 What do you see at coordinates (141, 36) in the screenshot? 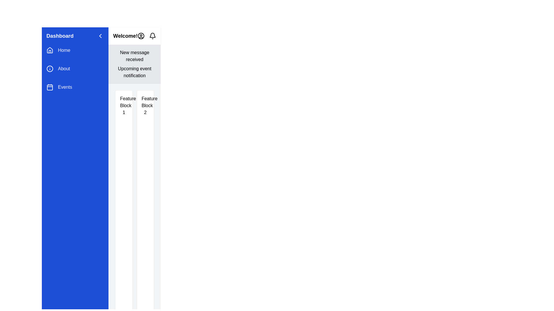
I see `the circular profile icon featuring a user silhouette` at bounding box center [141, 36].